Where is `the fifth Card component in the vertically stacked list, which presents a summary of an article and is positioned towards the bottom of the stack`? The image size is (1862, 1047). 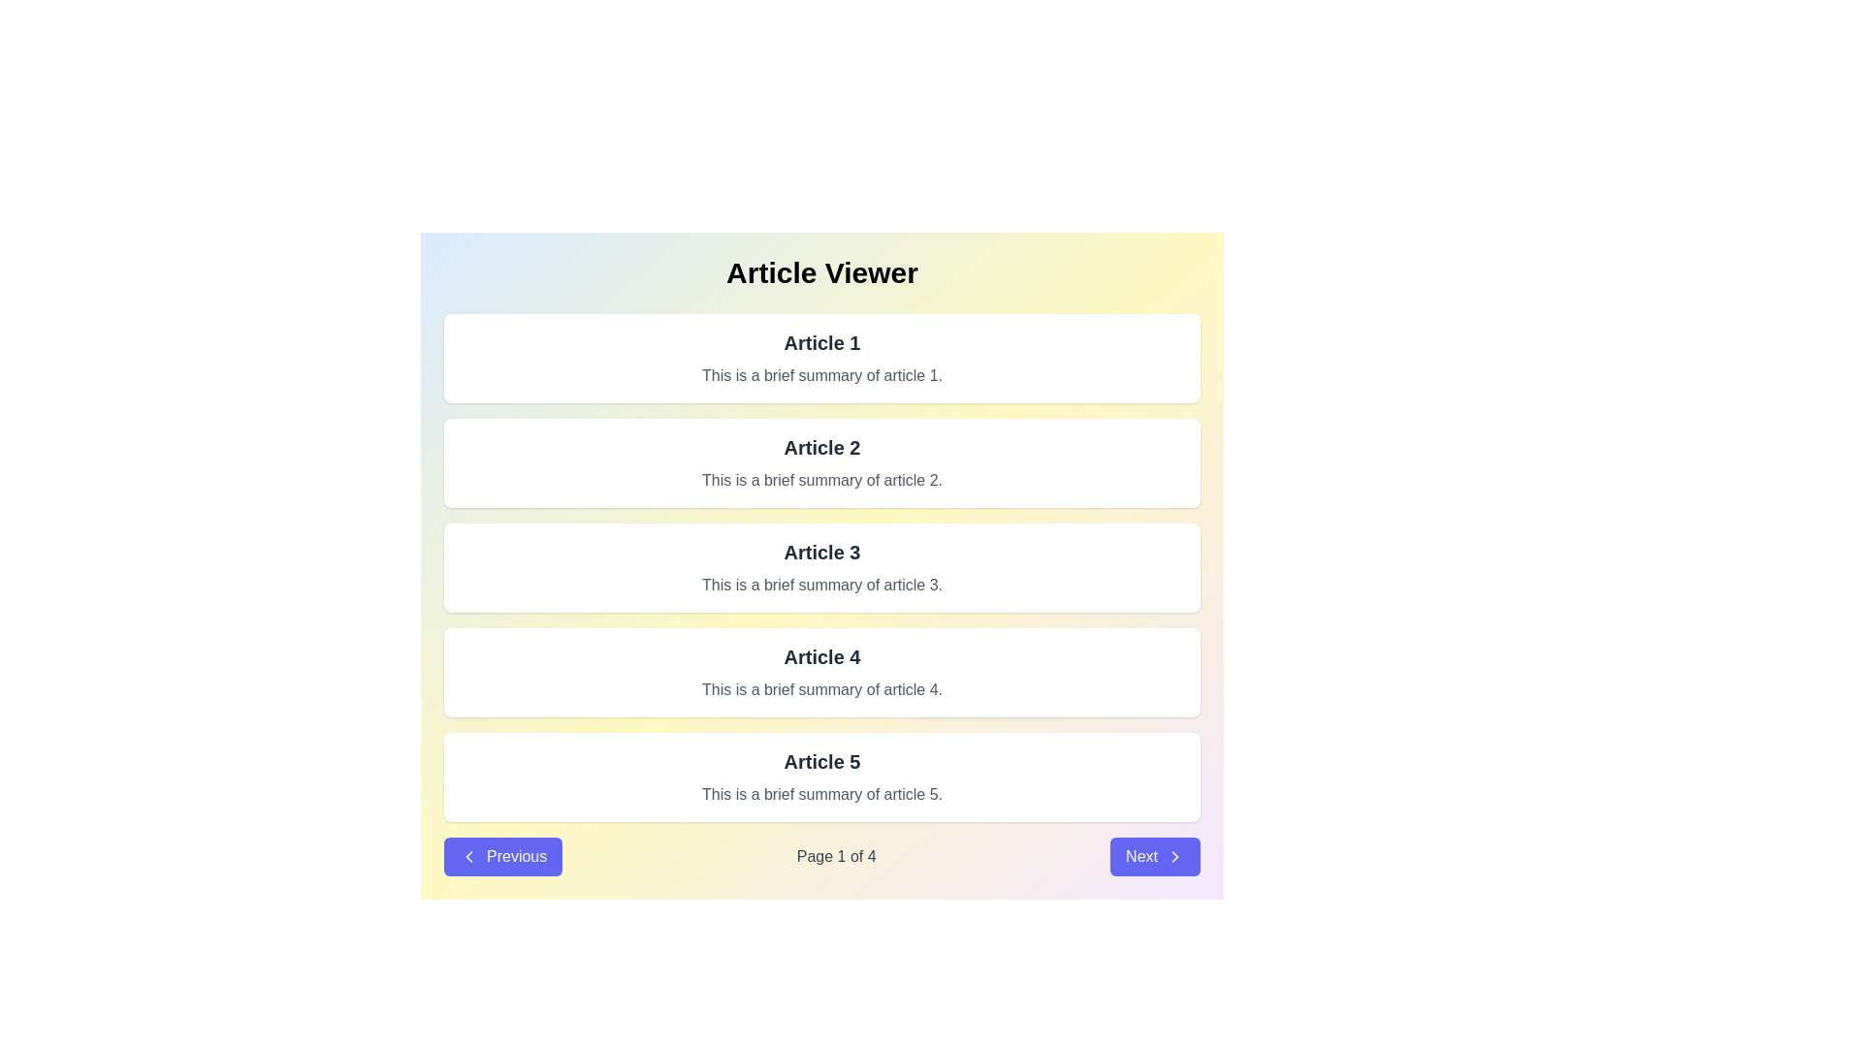
the fifth Card component in the vertically stacked list, which presents a summary of an article and is positioned towards the bottom of the stack is located at coordinates (822, 777).